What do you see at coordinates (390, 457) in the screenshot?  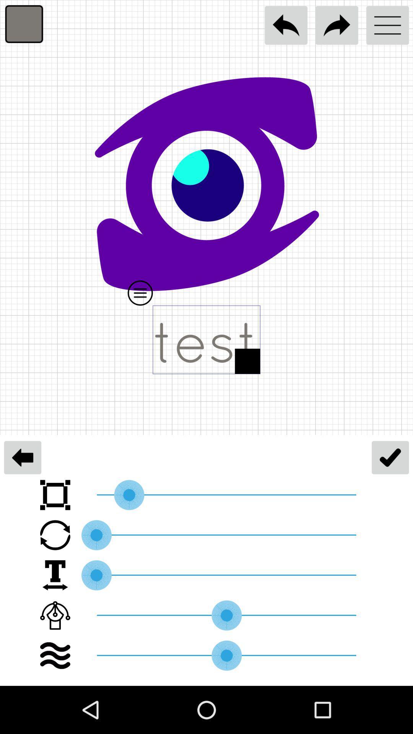 I see `the check icon` at bounding box center [390, 457].